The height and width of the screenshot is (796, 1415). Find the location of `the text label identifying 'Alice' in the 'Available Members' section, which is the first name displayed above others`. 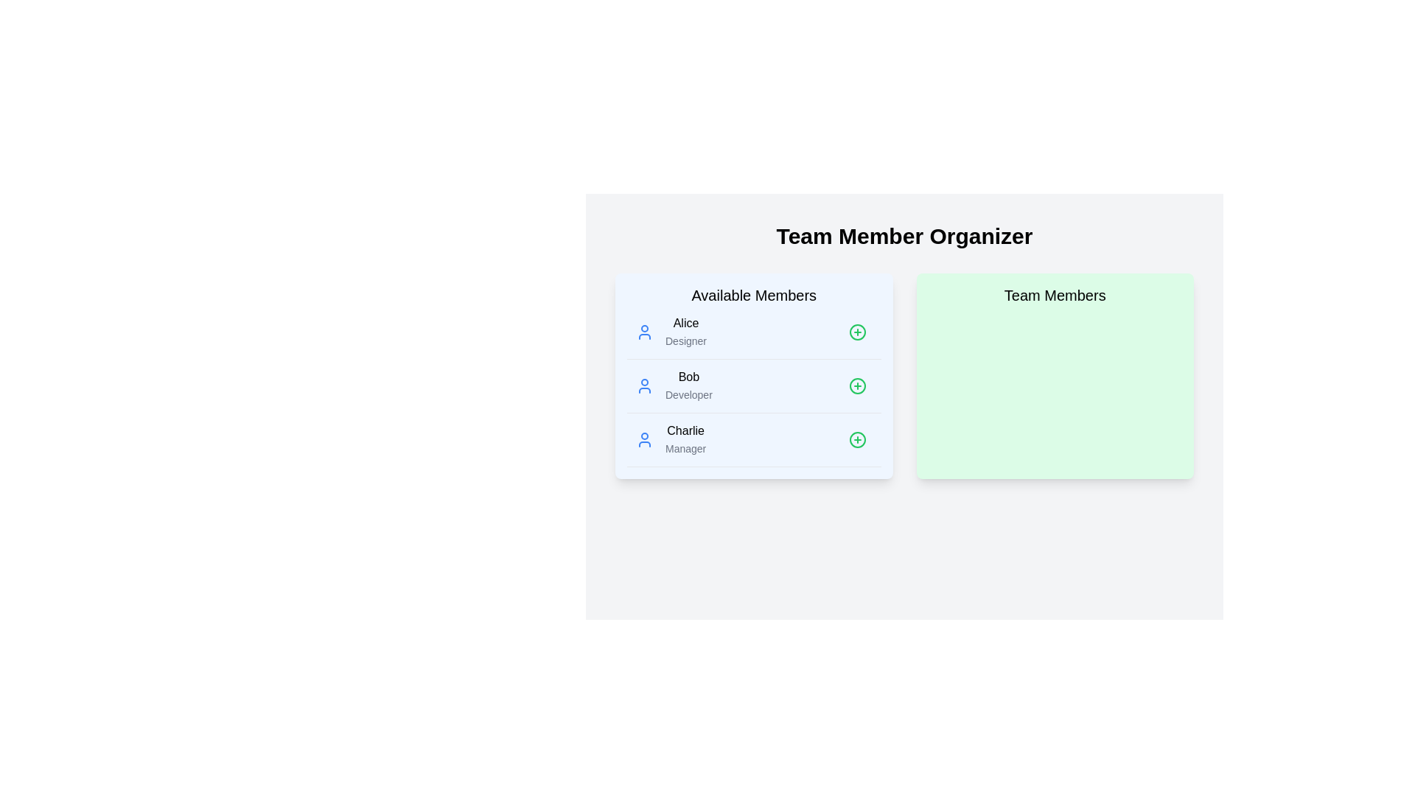

the text label identifying 'Alice' in the 'Available Members' section, which is the first name displayed above others is located at coordinates (685, 323).